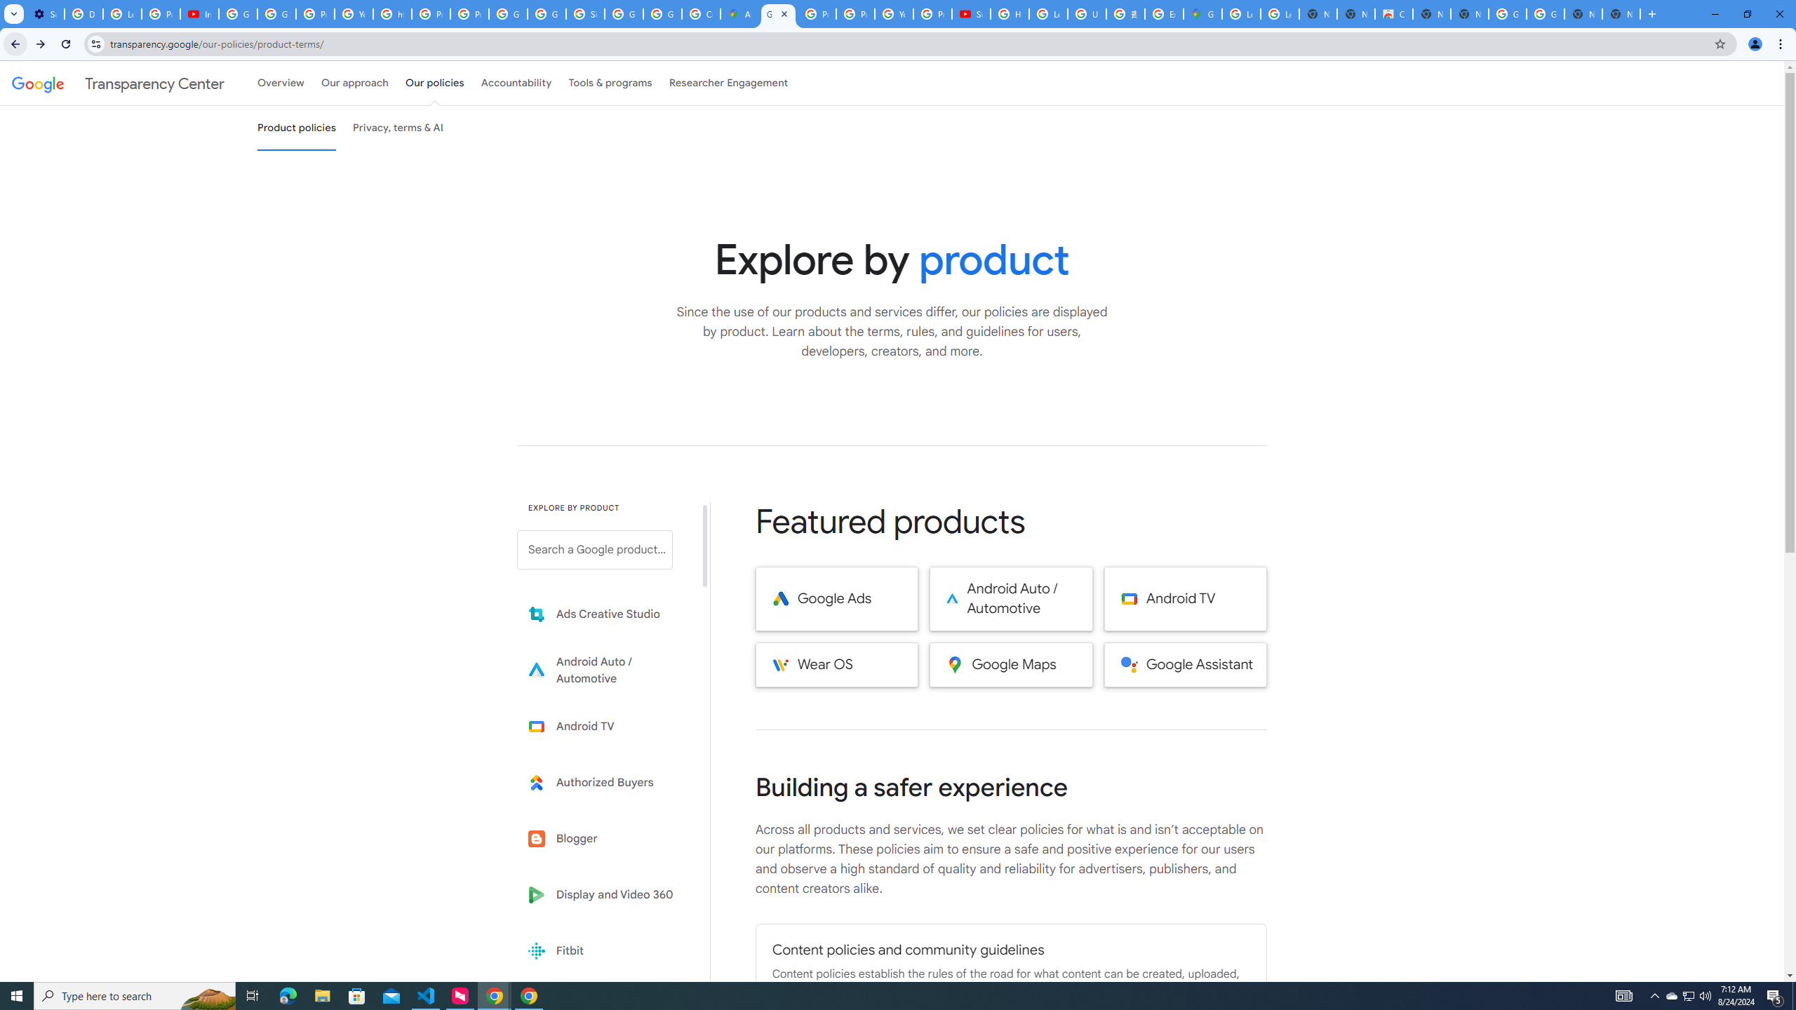 The image size is (1796, 1010). Describe the element at coordinates (1544, 13) in the screenshot. I see `'Google Images'` at that location.